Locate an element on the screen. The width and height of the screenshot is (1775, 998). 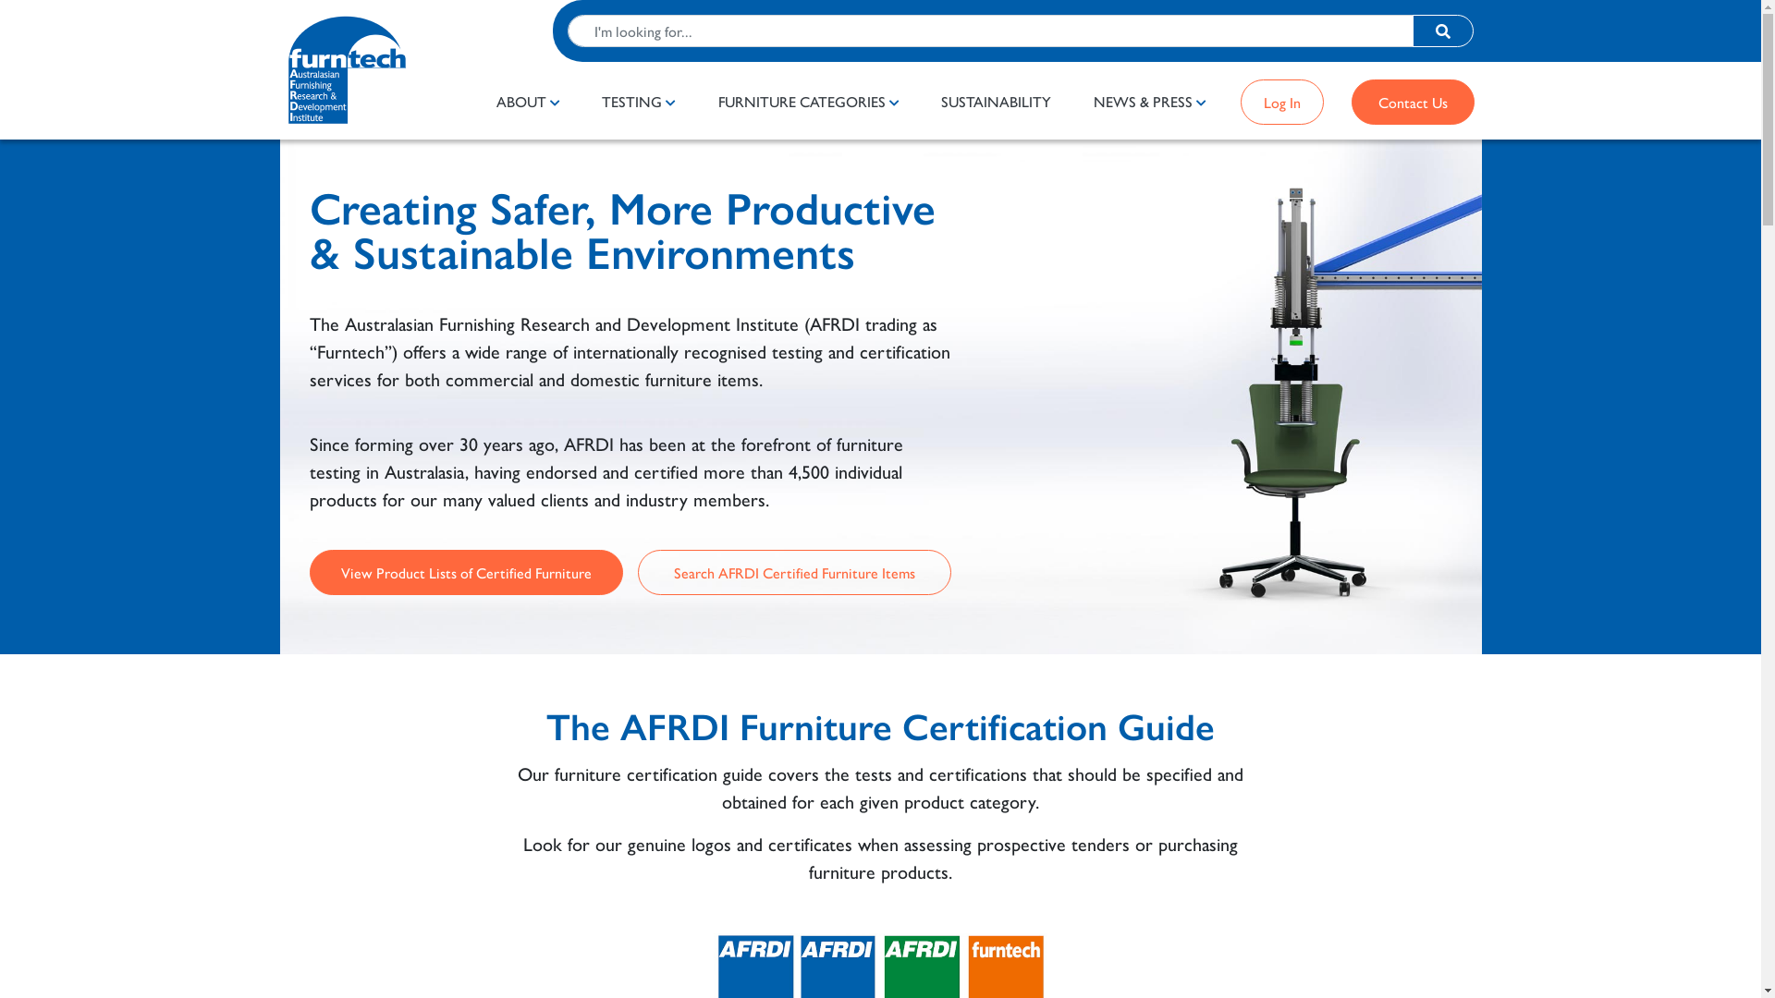
'Search AFRDI Certified Furniture Items' is located at coordinates (794, 571).